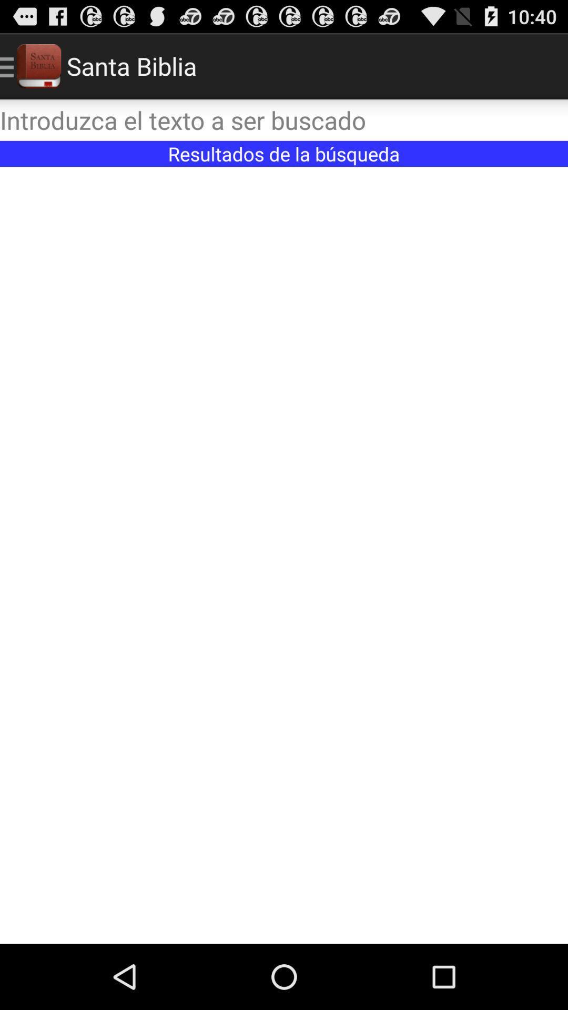 The image size is (568, 1010). I want to click on area, so click(284, 554).